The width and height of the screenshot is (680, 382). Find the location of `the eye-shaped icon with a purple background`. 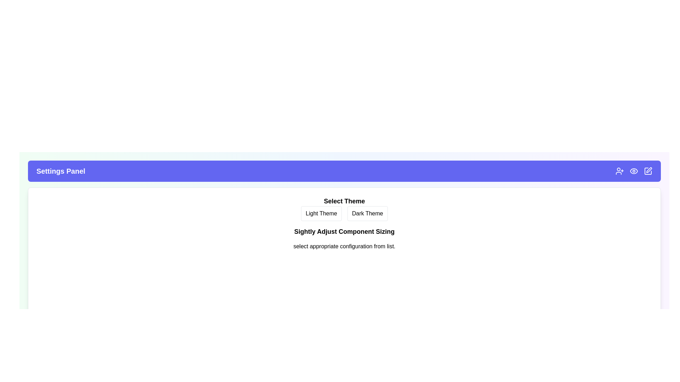

the eye-shaped icon with a purple background is located at coordinates (634, 171).